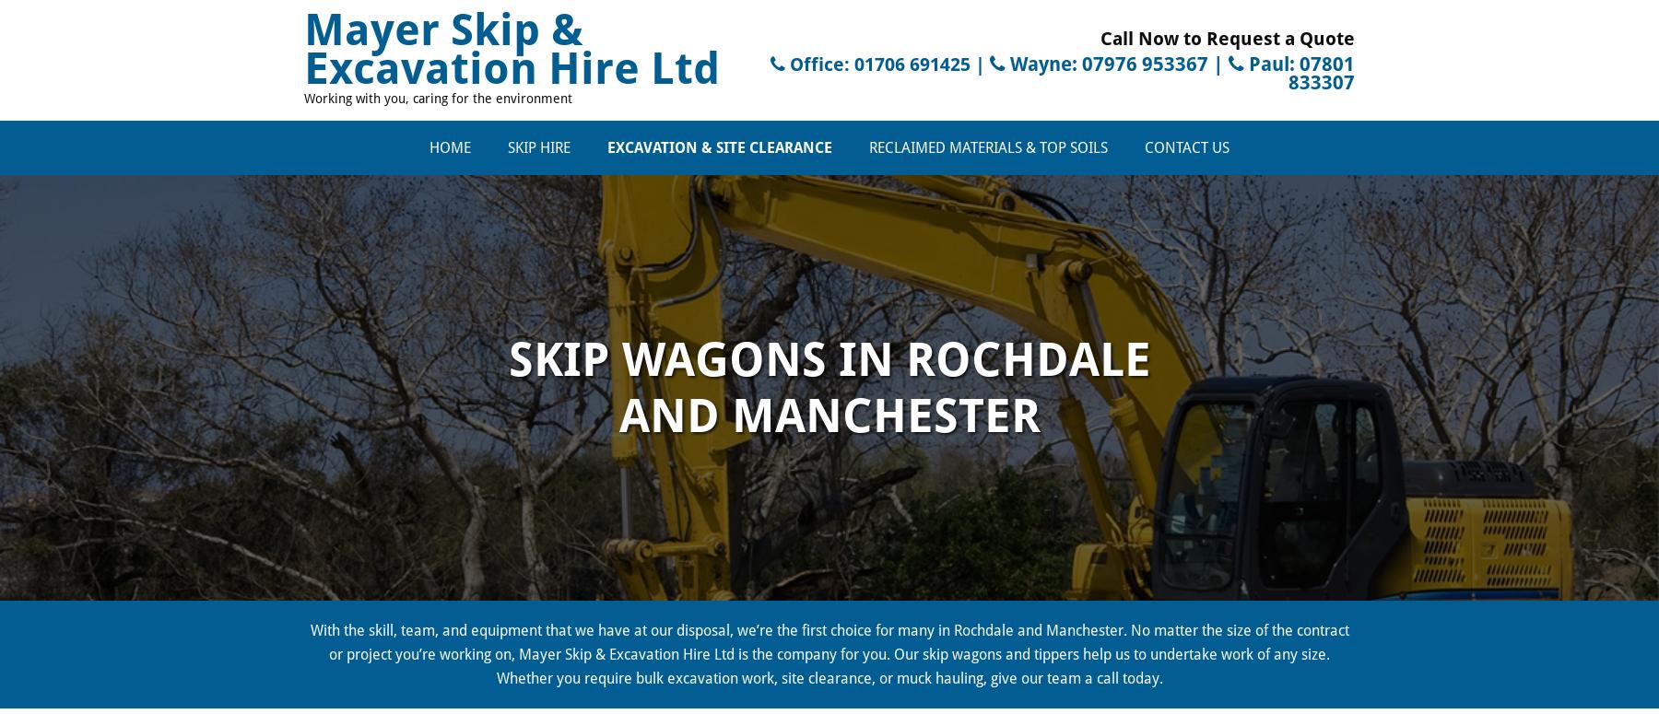  What do you see at coordinates (829, 653) in the screenshot?
I see `'With the skill, team, and equipment that we have at our disposal, we’re the first choice for many in Rochdale and Manchester. No matter the size of the contract or project you’re working on, Mayer Skip & Excavation Hire Ltd is the company for you. Our skip wagons and tippers help us to undertake work of any size. Whether you require bulk excavation work, site clearance, or muck hauling, give our team a call today.'` at bounding box center [829, 653].